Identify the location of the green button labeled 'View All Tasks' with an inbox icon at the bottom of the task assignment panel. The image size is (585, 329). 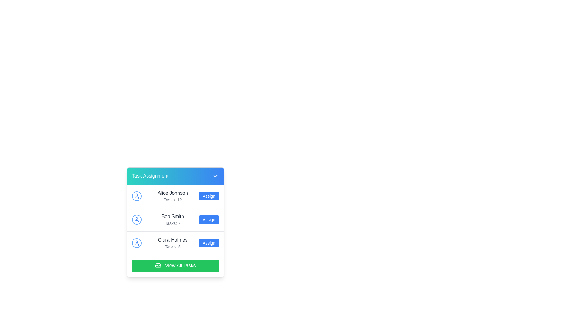
(175, 265).